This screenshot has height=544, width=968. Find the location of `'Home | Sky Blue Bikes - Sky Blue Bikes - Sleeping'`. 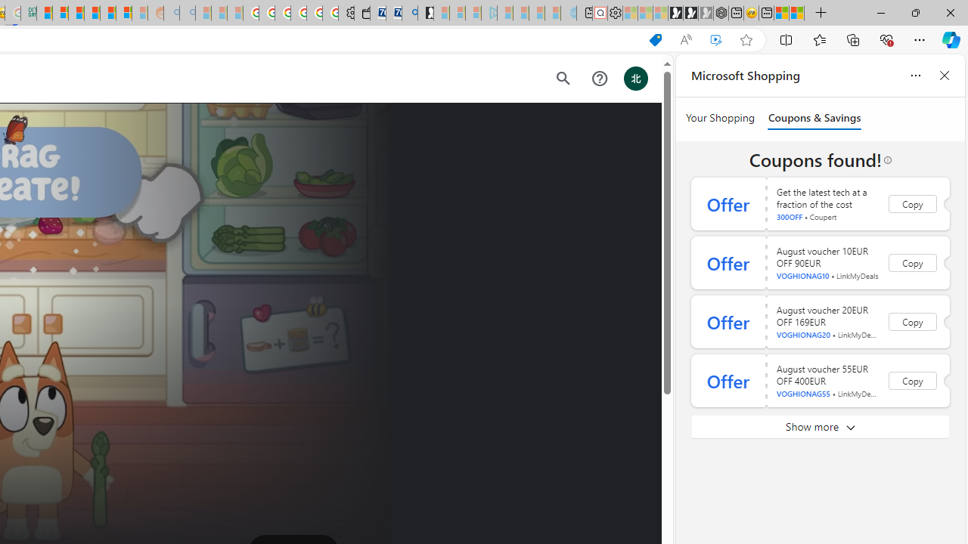

'Home | Sky Blue Bikes - Sky Blue Bikes - Sleeping' is located at coordinates (568, 13).